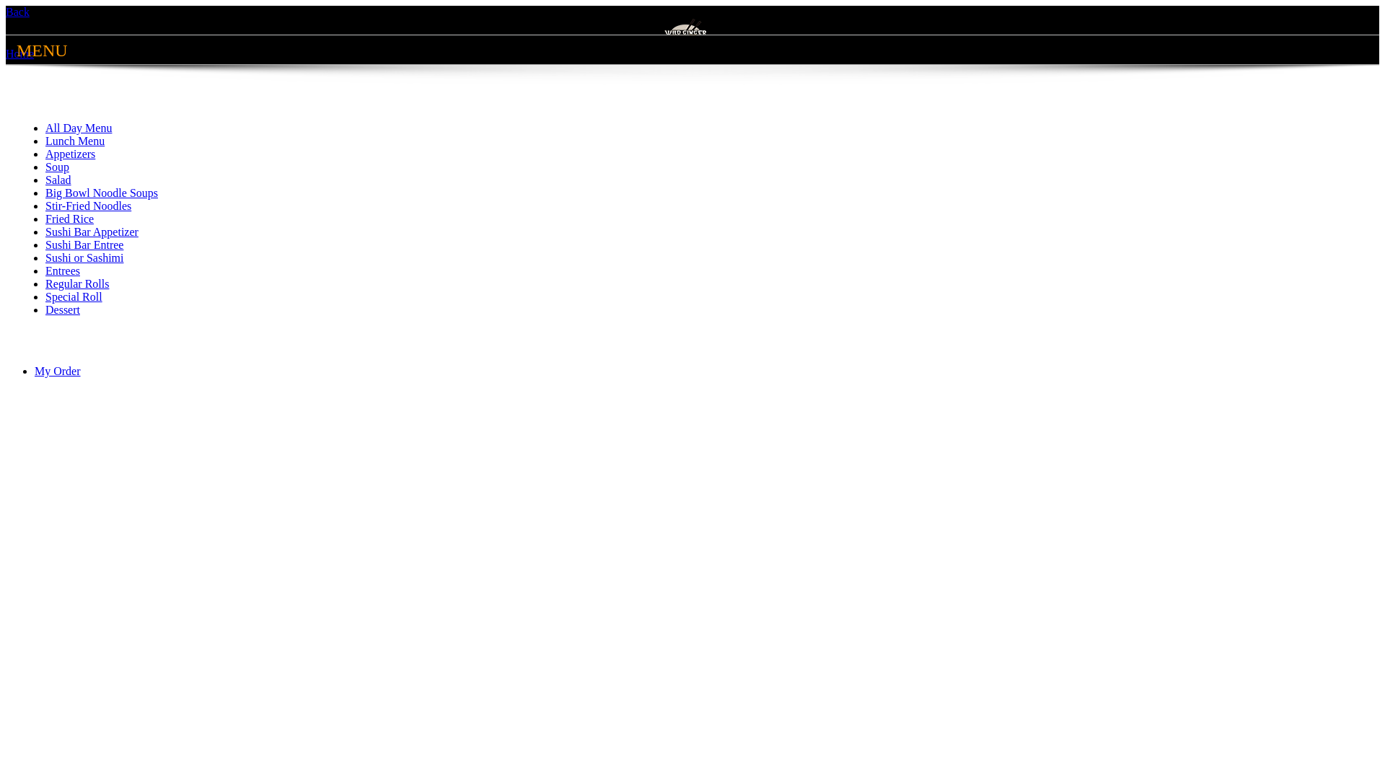  What do you see at coordinates (78, 127) in the screenshot?
I see `'All Day Menu'` at bounding box center [78, 127].